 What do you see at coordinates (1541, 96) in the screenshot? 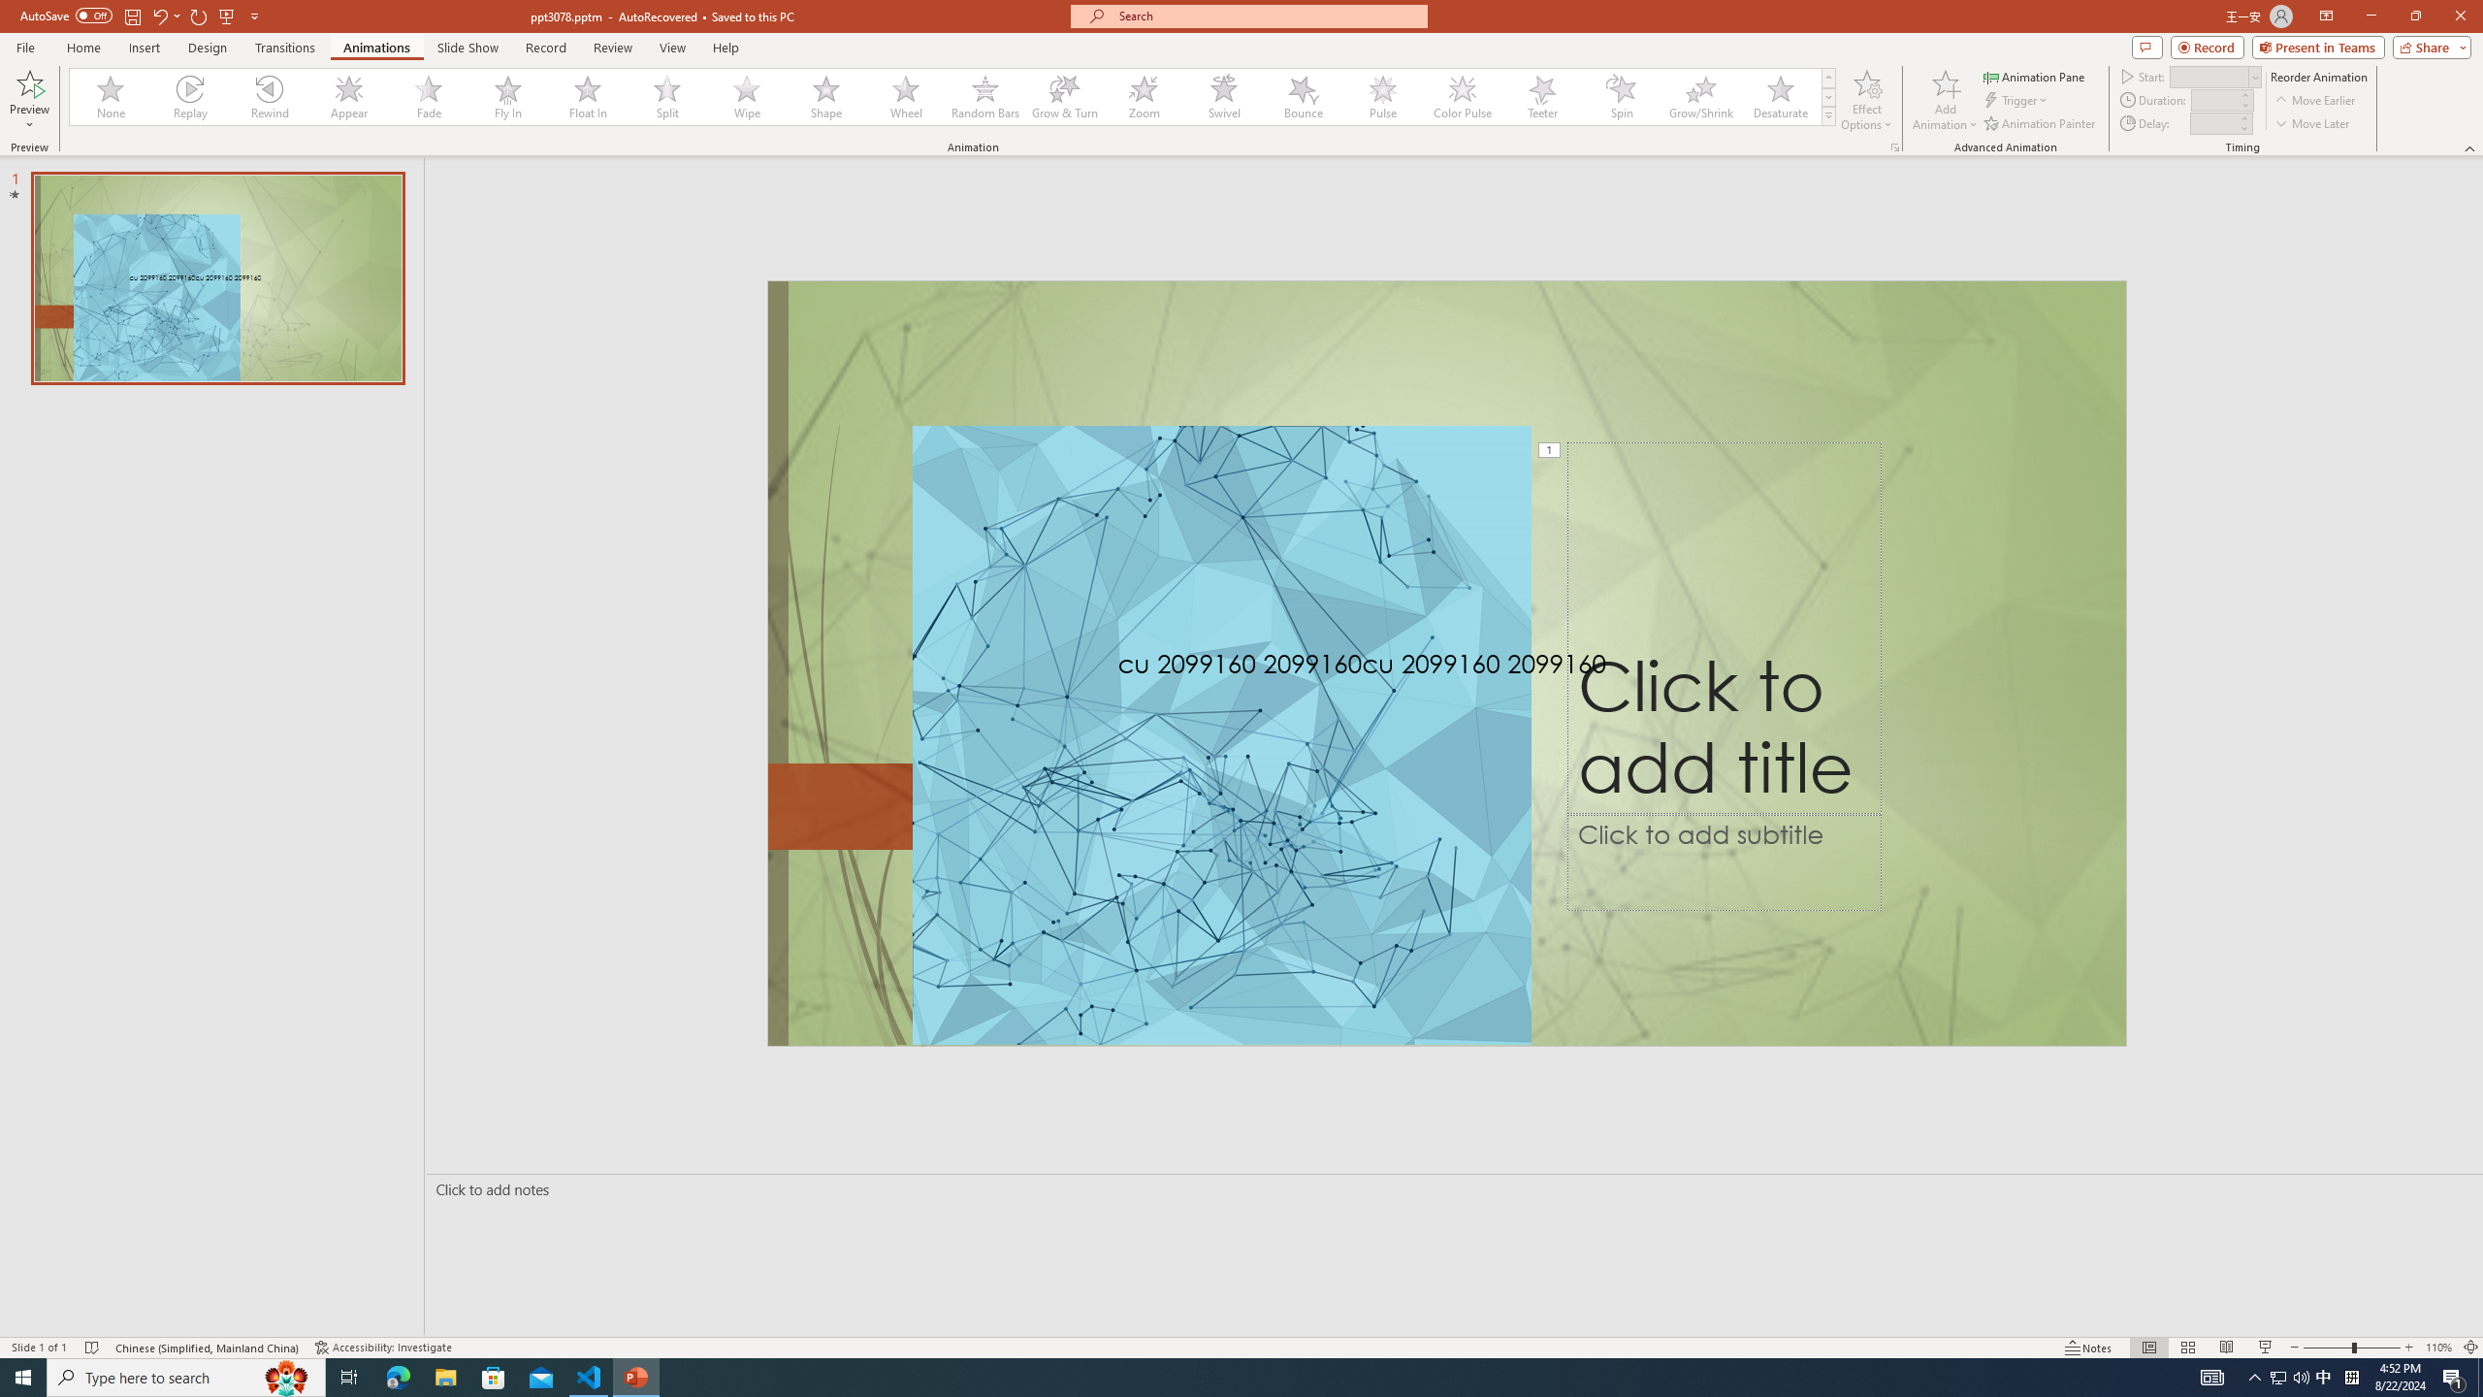
I see `'Teeter'` at bounding box center [1541, 96].